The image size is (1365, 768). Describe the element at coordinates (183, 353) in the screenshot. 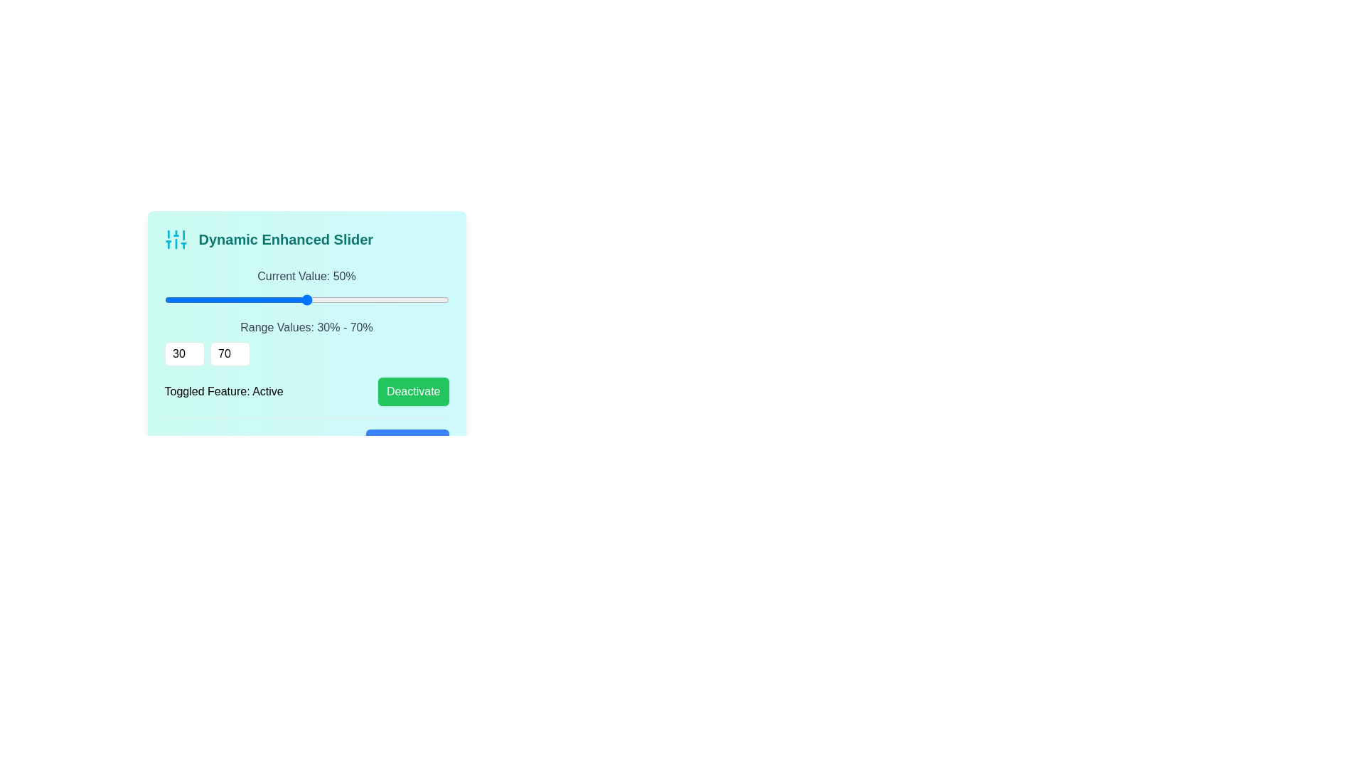

I see `the number input box styled with a border and rounded corners that contains the number '30'` at that location.